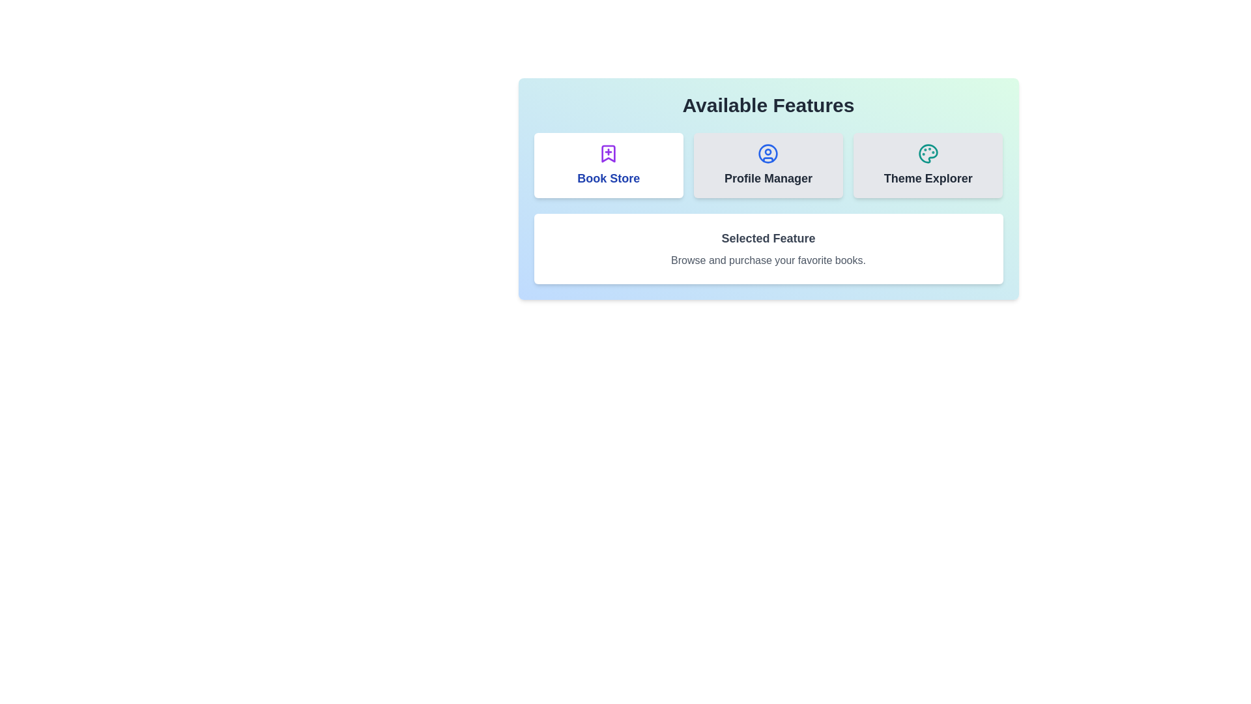  I want to click on styling of the Text label located below the 'Selected Feature' heading, which provides information about browsing and purchasing books, so click(768, 261).